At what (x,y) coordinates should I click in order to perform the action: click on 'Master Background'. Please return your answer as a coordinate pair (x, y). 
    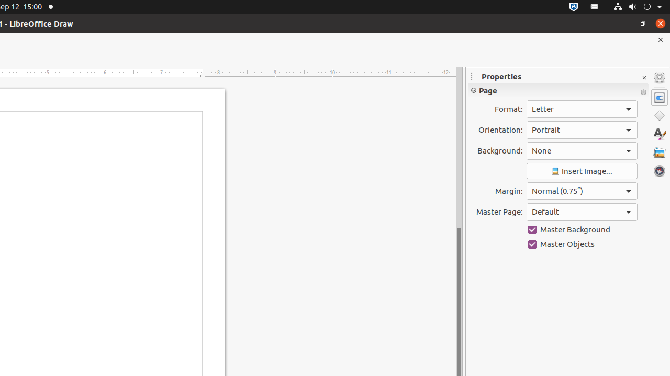
    Looking at the image, I should click on (581, 229).